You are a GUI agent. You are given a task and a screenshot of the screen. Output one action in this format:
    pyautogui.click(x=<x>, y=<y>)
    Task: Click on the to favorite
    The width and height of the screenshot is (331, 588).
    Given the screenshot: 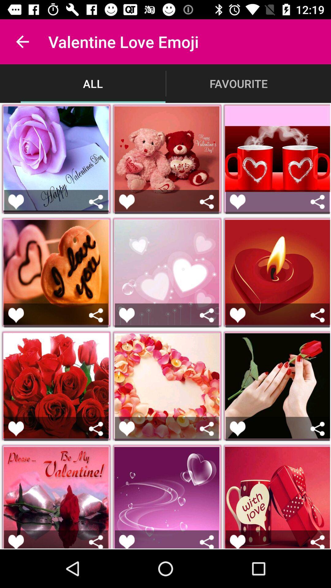 What is the action you would take?
    pyautogui.click(x=126, y=315)
    